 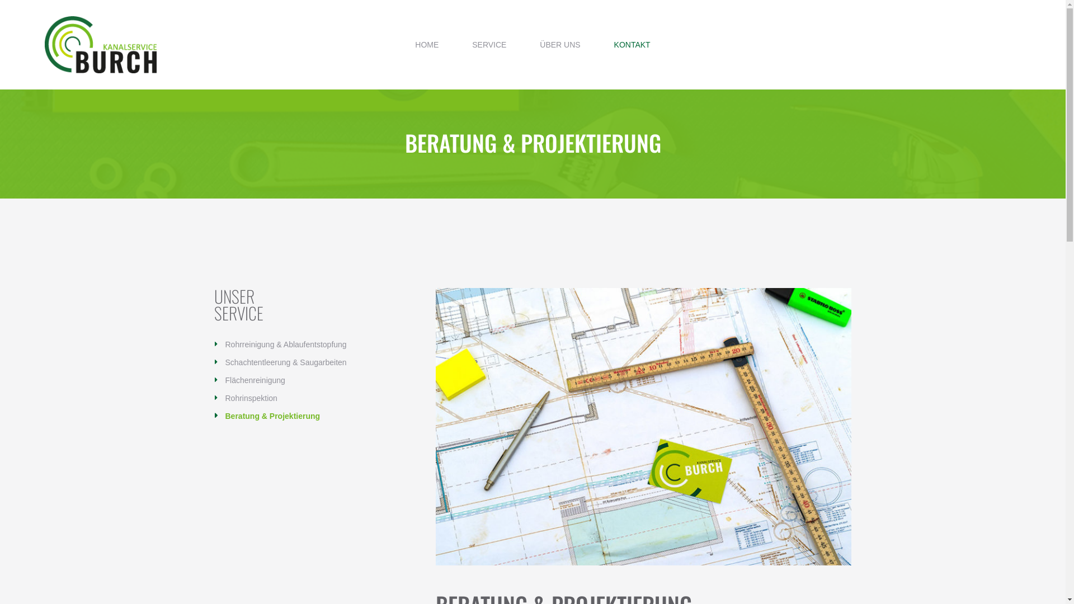 What do you see at coordinates (280, 344) in the screenshot?
I see `'Rohrreinigung & Ablaufentstopfung'` at bounding box center [280, 344].